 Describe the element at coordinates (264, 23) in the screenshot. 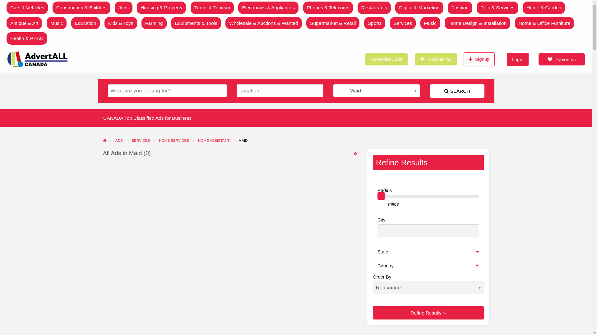

I see `'Wholesale & Auctions & Wanted'` at that location.